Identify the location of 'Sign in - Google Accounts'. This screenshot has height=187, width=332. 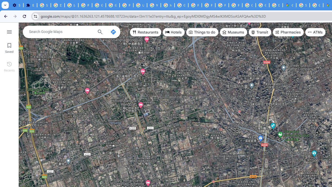
(44, 5).